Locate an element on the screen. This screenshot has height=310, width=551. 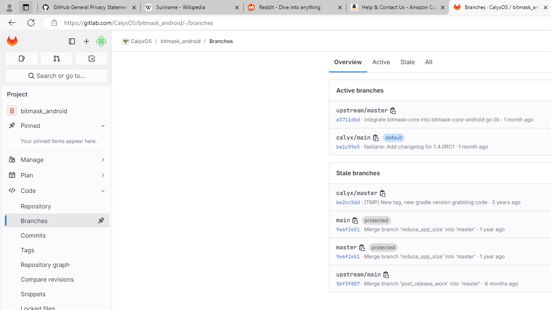
'Snippets' is located at coordinates (56, 293).